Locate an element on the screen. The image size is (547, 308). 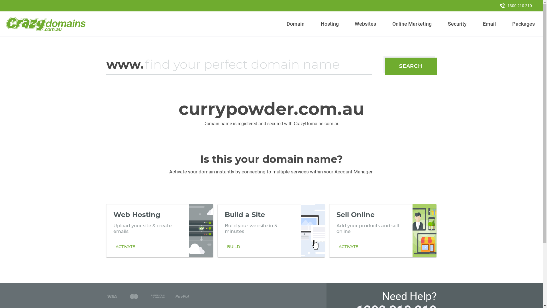
'SEARCH' is located at coordinates (411, 66).